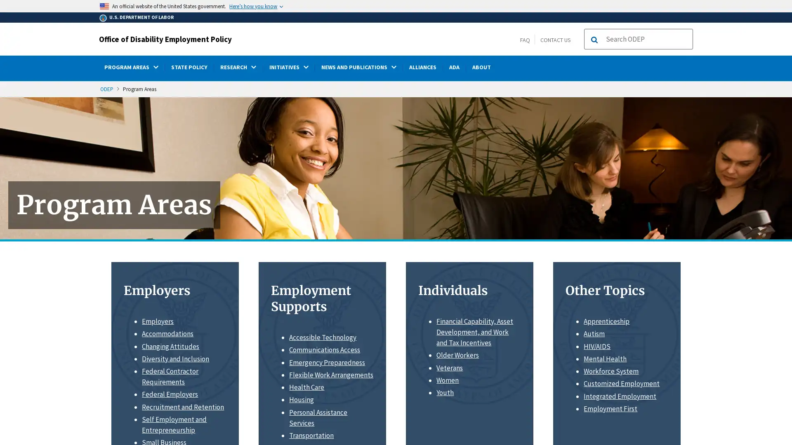  Describe the element at coordinates (594, 40) in the screenshot. I see `Search` at that location.